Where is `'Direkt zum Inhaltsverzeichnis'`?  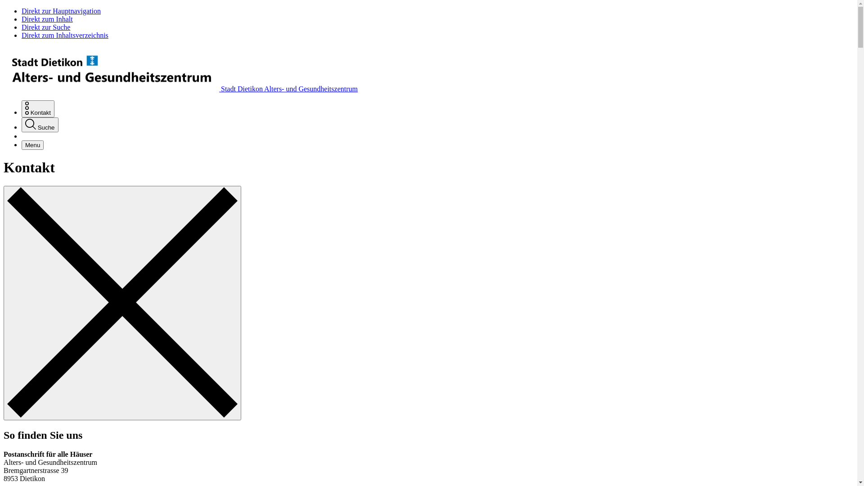
'Direkt zum Inhaltsverzeichnis' is located at coordinates (64, 35).